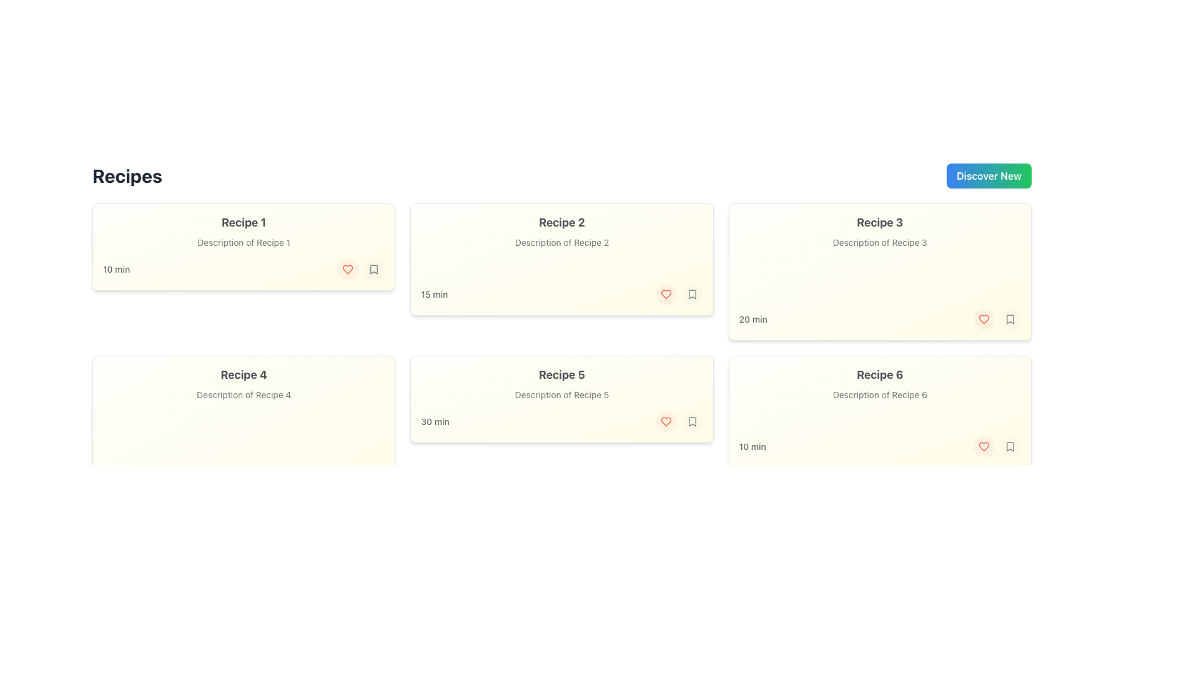  I want to click on the label element located at the top center of the card in the second row and first column of the grid layout, which serves as the title or identifier for the card, so click(244, 374).